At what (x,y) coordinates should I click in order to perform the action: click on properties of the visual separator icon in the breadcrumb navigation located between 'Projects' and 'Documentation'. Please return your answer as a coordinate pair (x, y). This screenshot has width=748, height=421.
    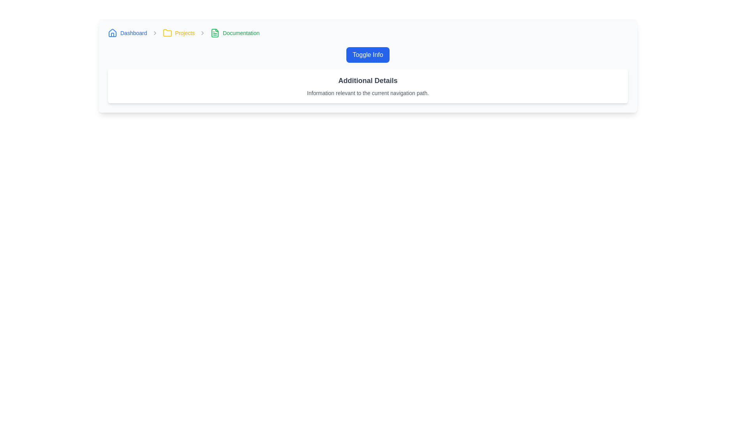
    Looking at the image, I should click on (203, 32).